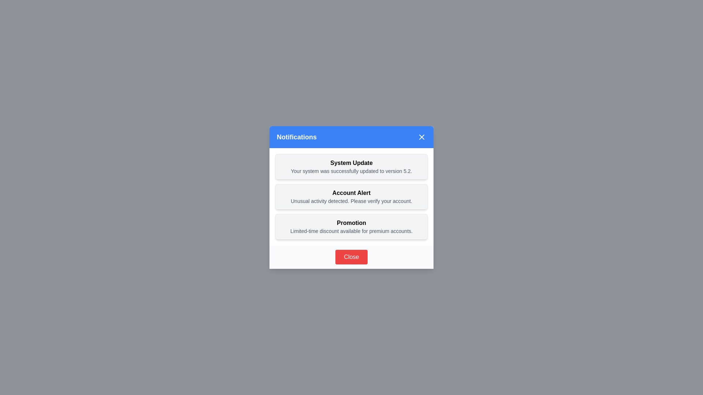  I want to click on the 'Close' button with a red background and white text at the bottom of the notification dialog, so click(351, 256).